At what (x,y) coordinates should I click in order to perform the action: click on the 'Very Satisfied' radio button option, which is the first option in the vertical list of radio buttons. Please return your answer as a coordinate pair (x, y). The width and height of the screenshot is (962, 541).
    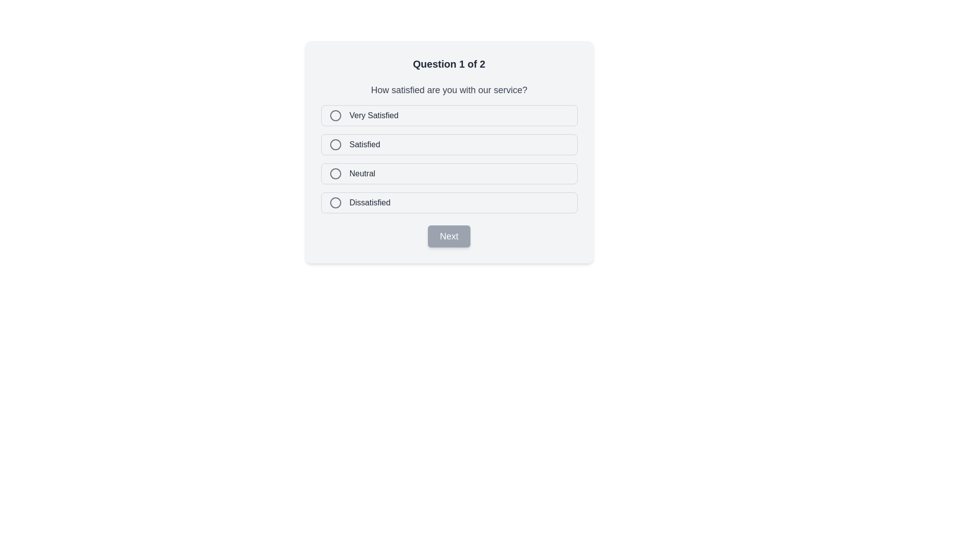
    Looking at the image, I should click on (448, 115).